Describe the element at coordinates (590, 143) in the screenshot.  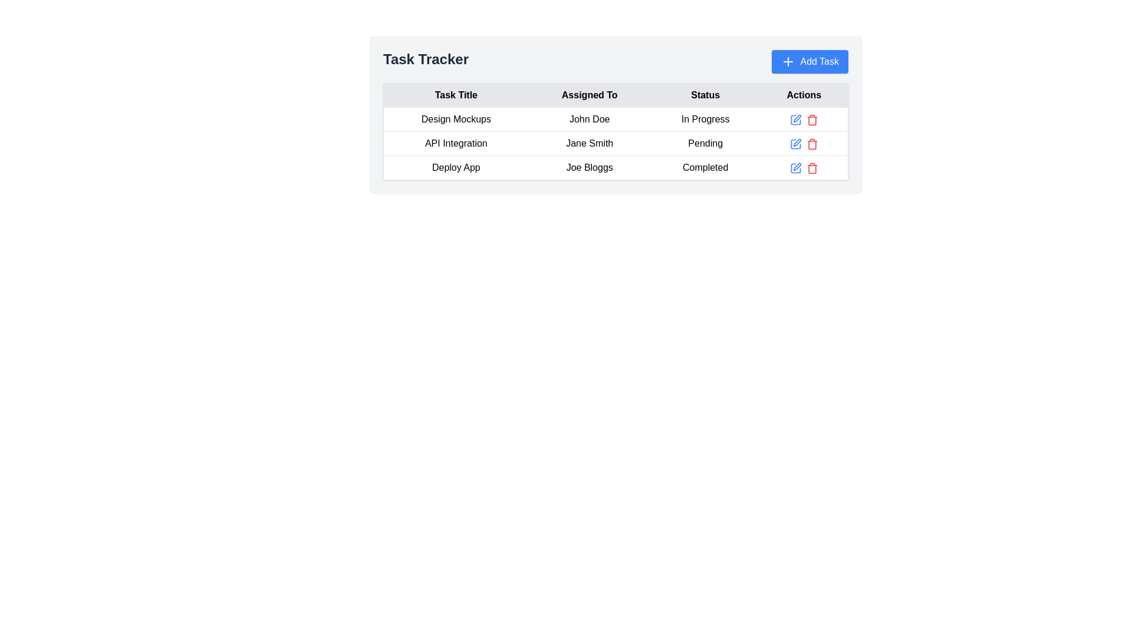
I see `the text display that shows the name of the person assigned to the task 'API Integration' in the second row of the data table under the 'Assigned To' column` at that location.